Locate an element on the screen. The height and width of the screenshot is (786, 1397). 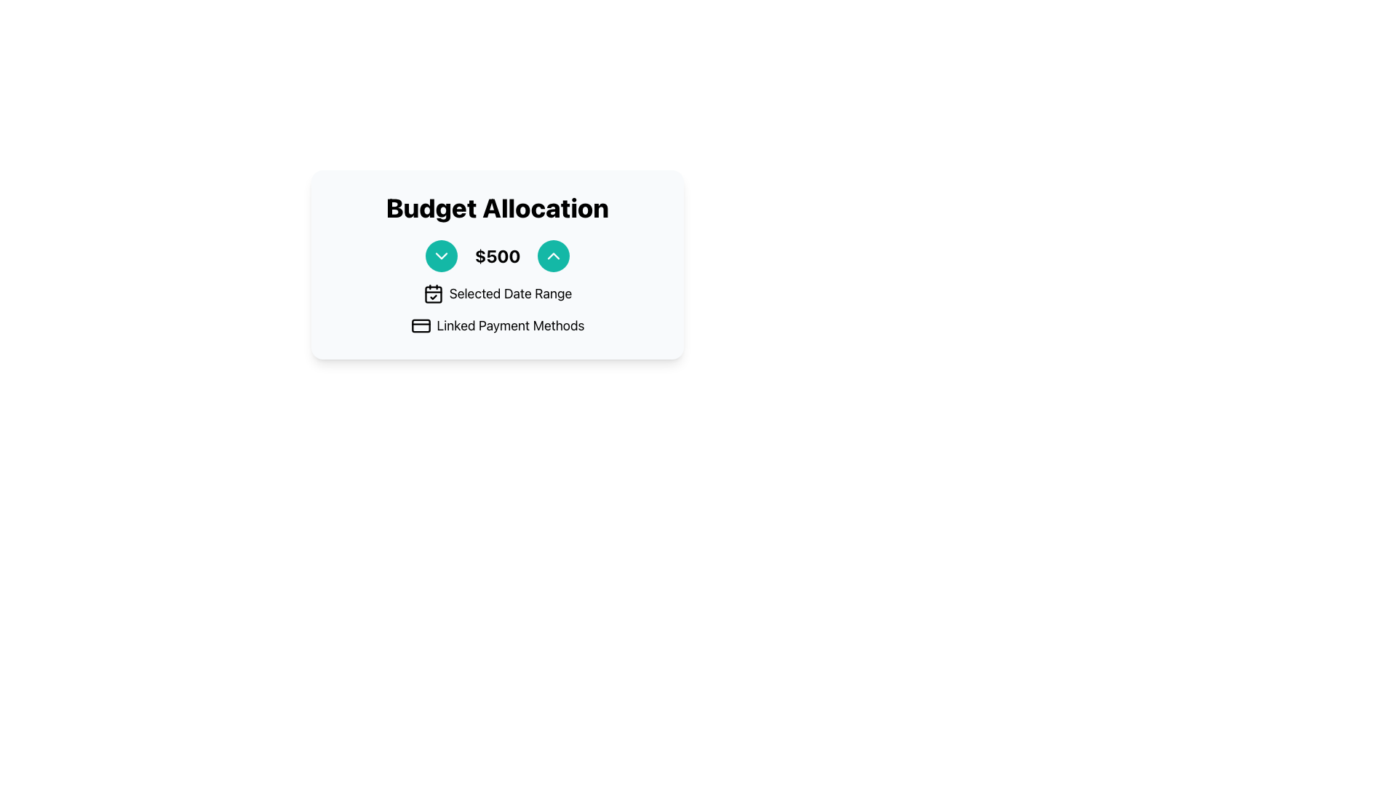
the Text Label displaying the dollar amount ('$500') in the 'Budget Allocation' layout is located at coordinates (498, 255).